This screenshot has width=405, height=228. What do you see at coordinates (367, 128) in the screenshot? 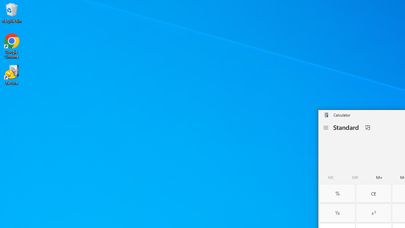
I see `'Keep on top'` at bounding box center [367, 128].